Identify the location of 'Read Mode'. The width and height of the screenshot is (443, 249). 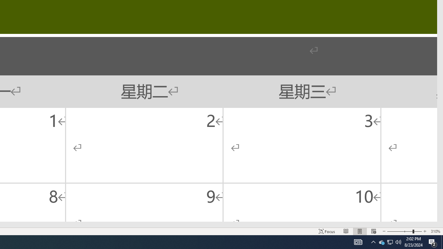
(346, 231).